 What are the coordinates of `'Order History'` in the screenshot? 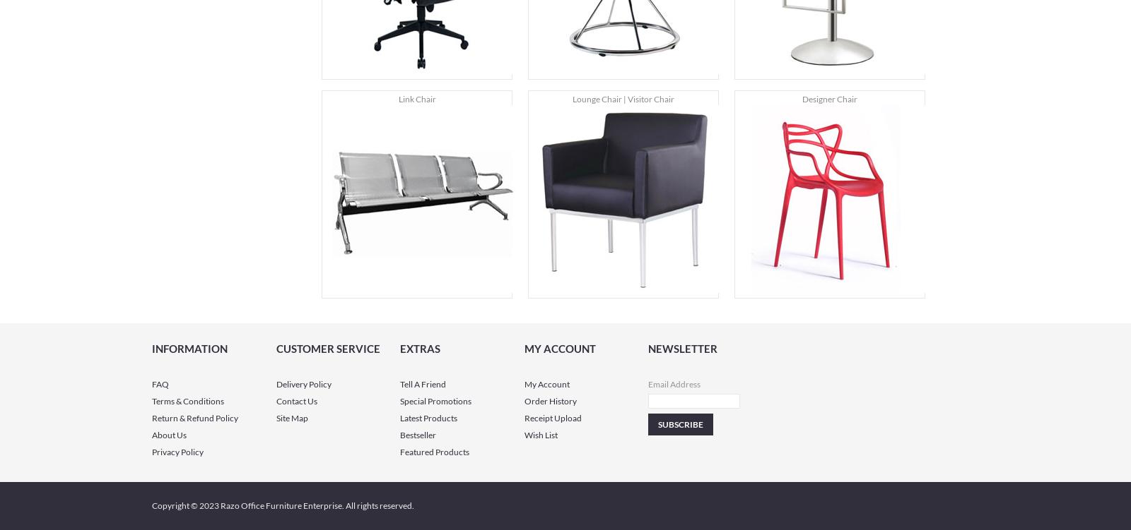 It's located at (550, 400).